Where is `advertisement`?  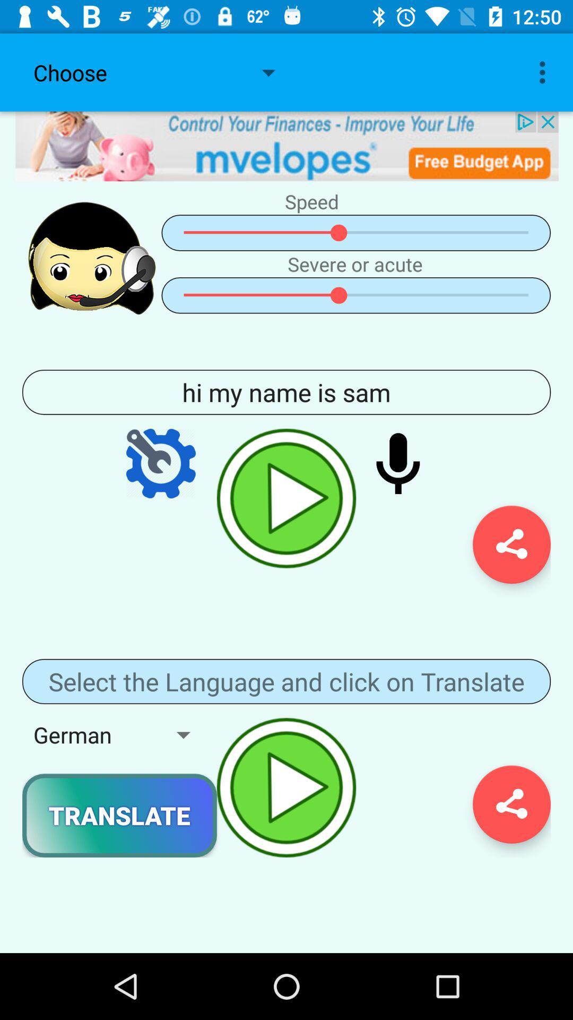 advertisement is located at coordinates (286, 146).